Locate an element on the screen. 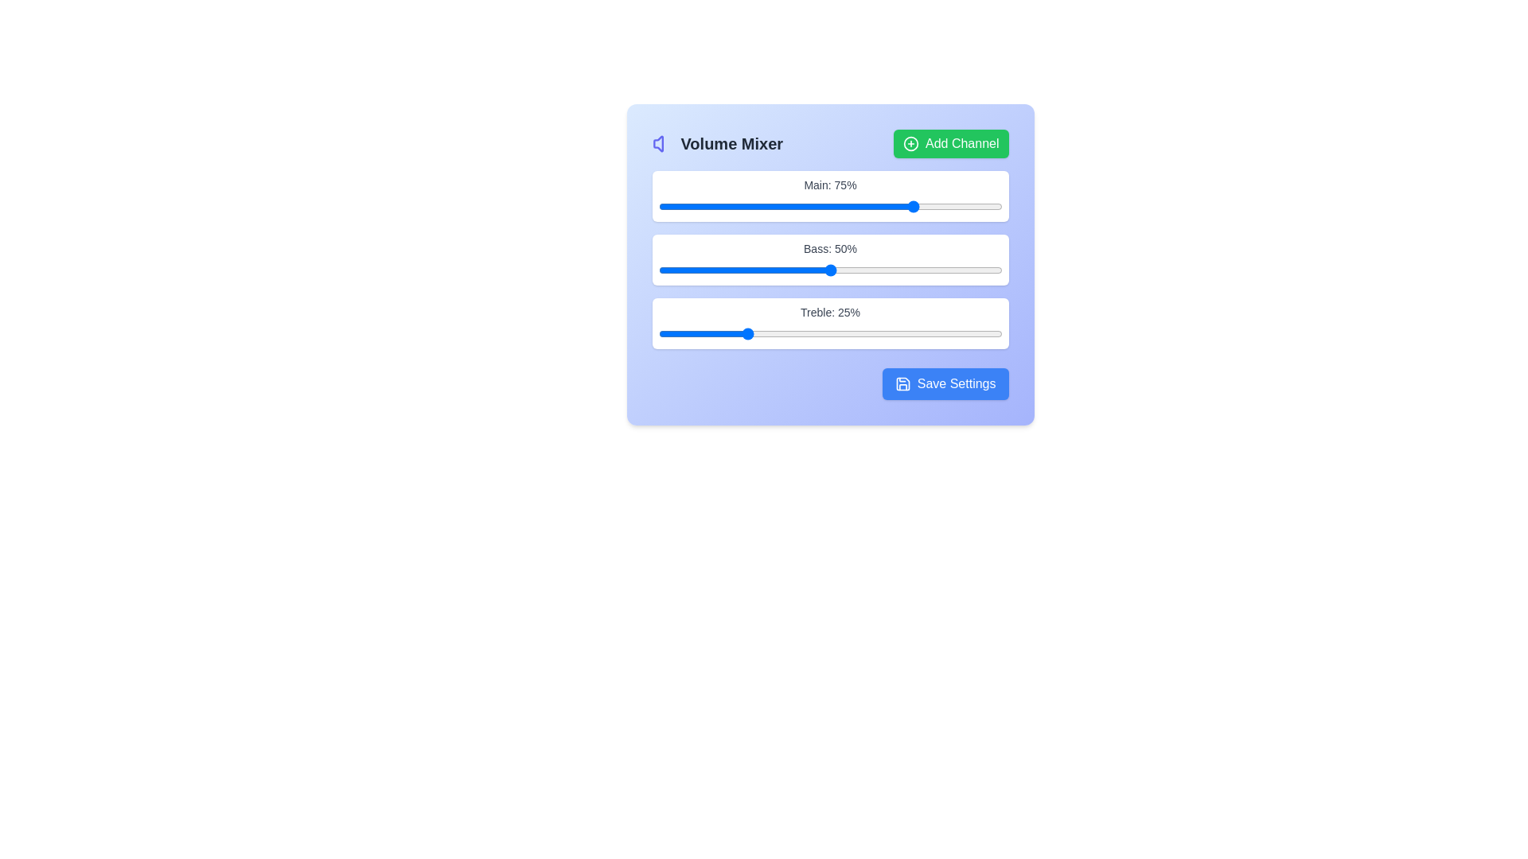 The width and height of the screenshot is (1528, 859). the treble level is located at coordinates (733, 333).